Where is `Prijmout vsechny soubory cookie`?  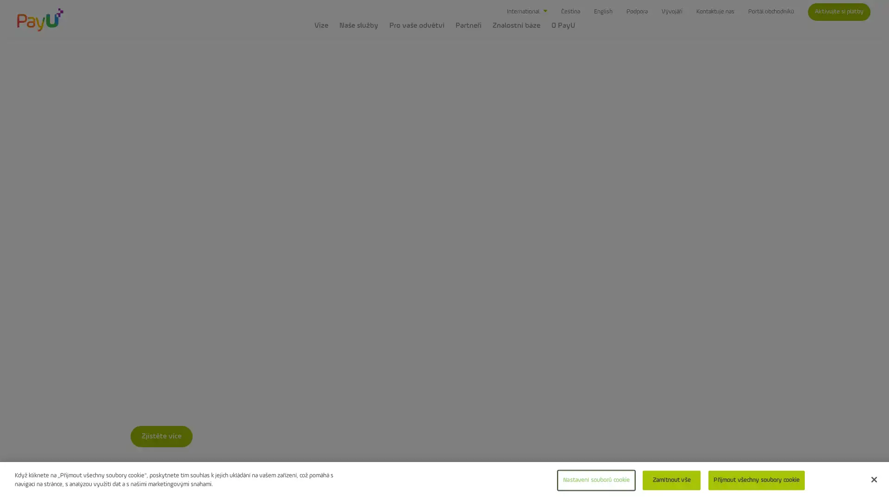
Prijmout vsechny soubory cookie is located at coordinates (756, 480).